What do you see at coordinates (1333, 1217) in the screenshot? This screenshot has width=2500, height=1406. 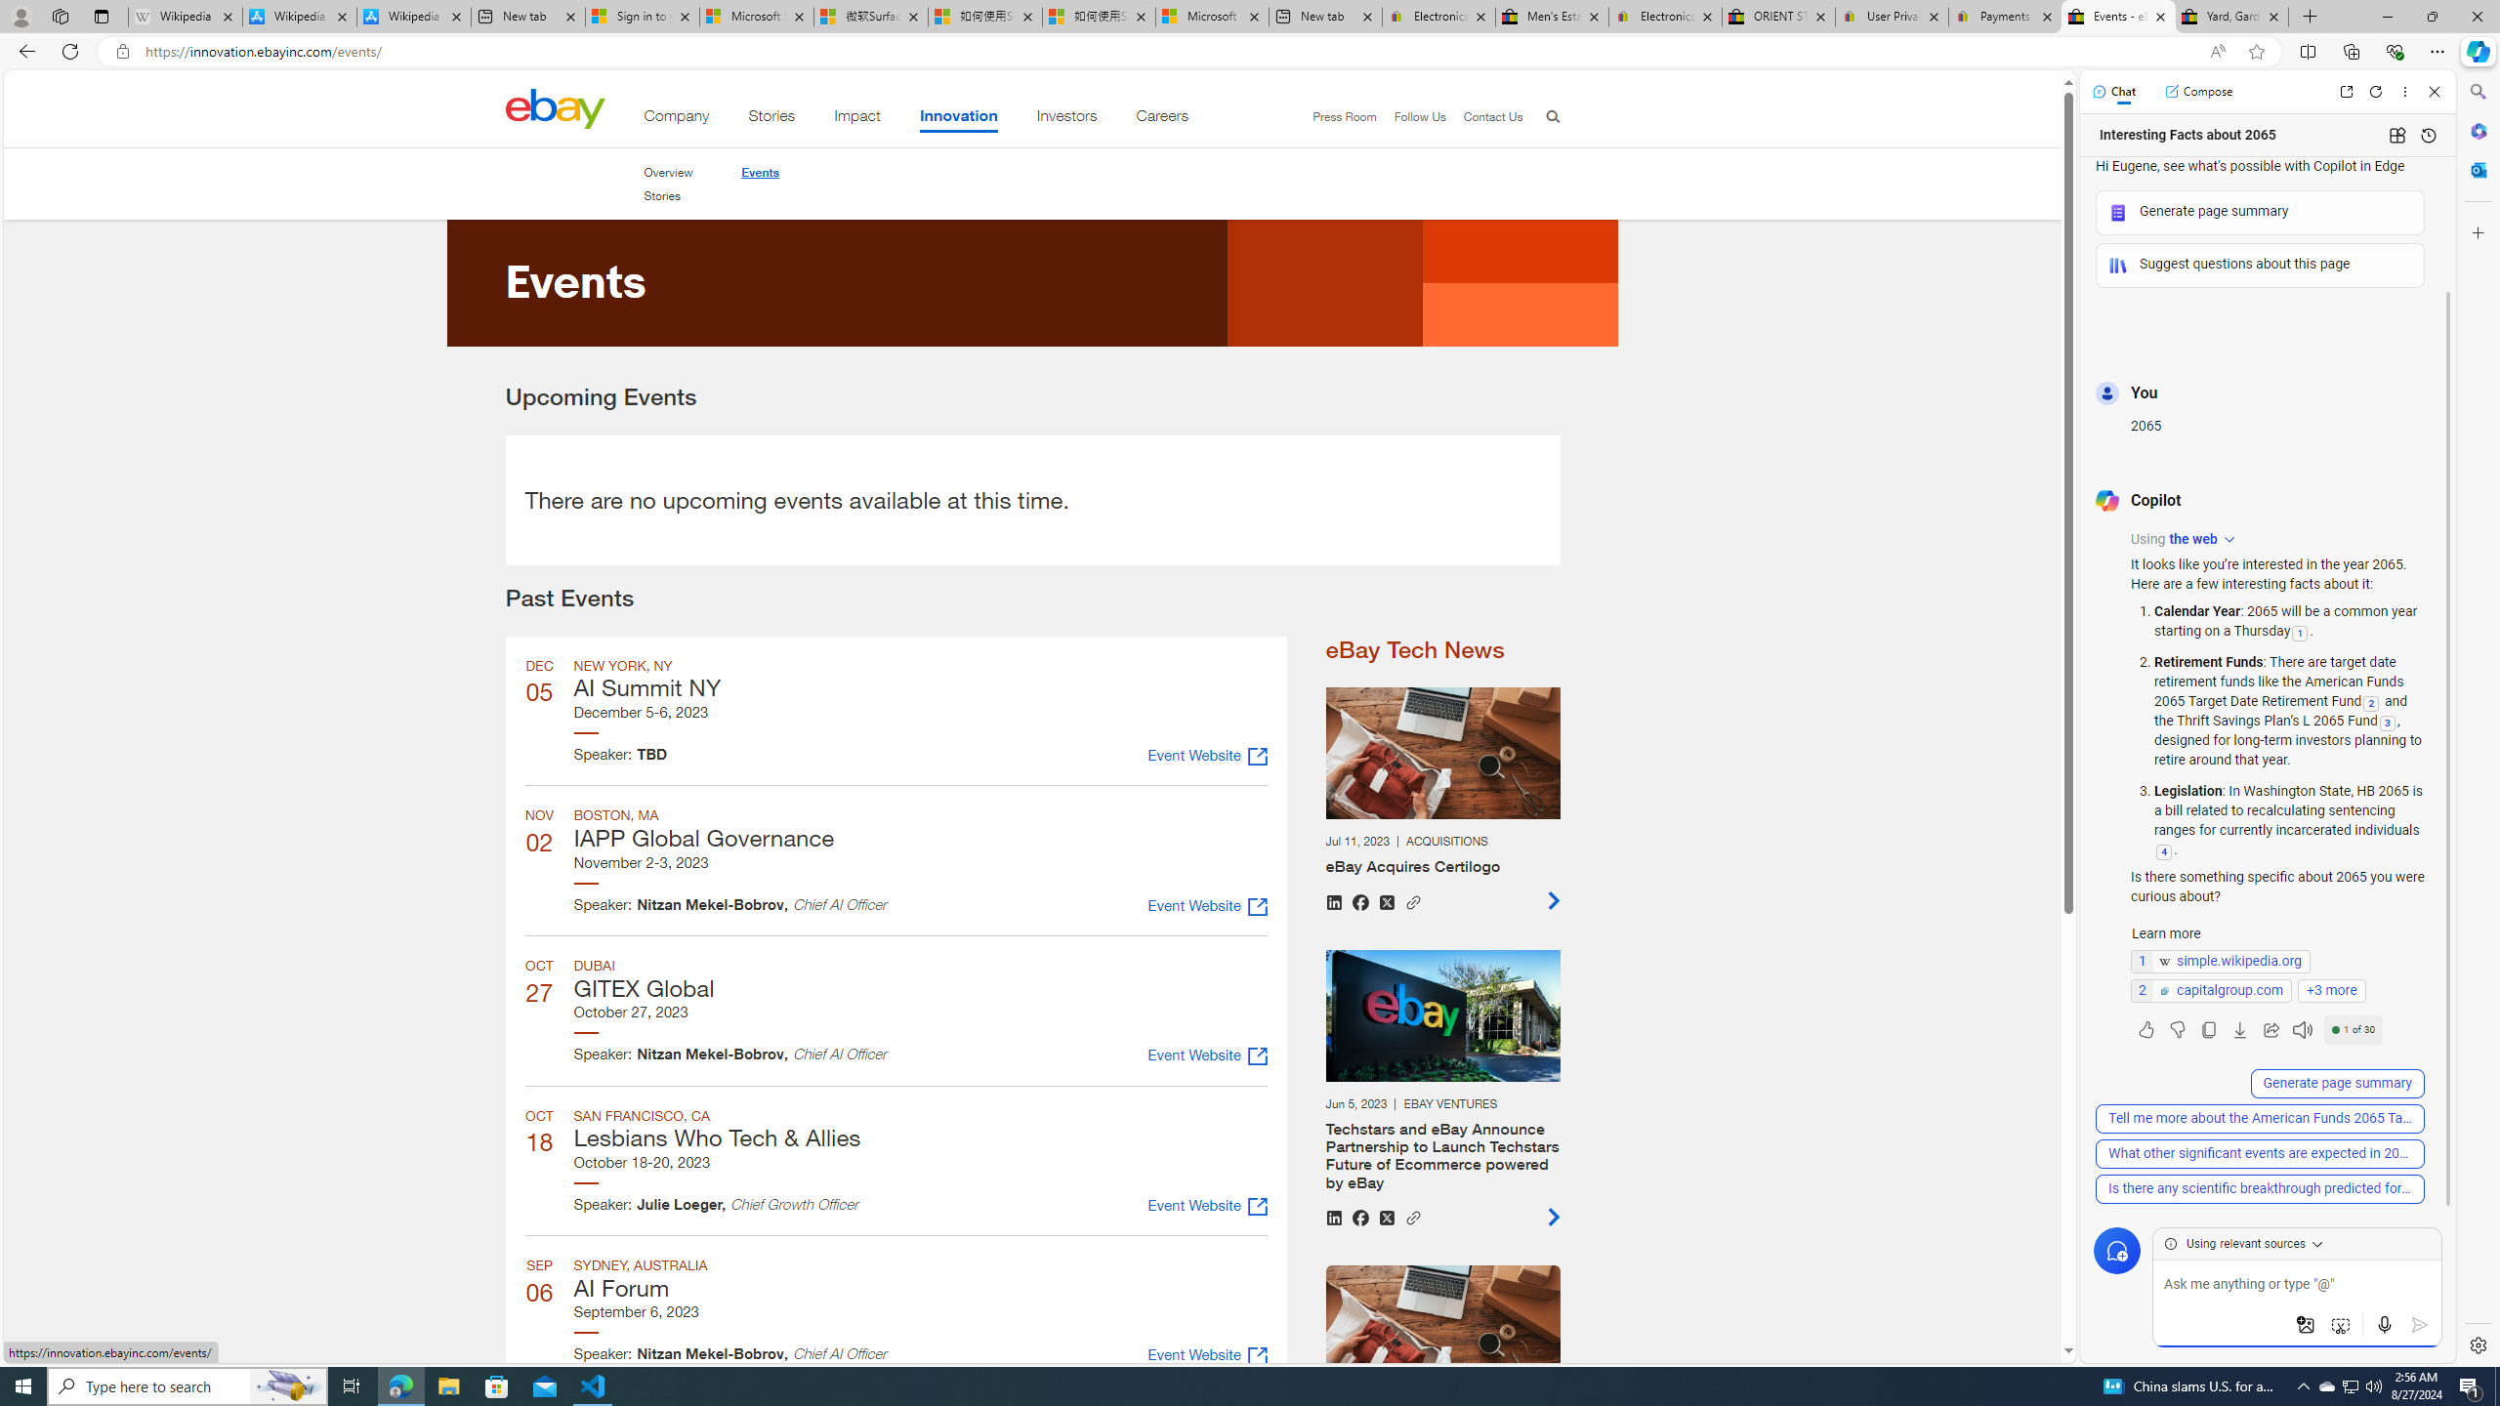 I see `'Share on LinkedIn'` at bounding box center [1333, 1217].